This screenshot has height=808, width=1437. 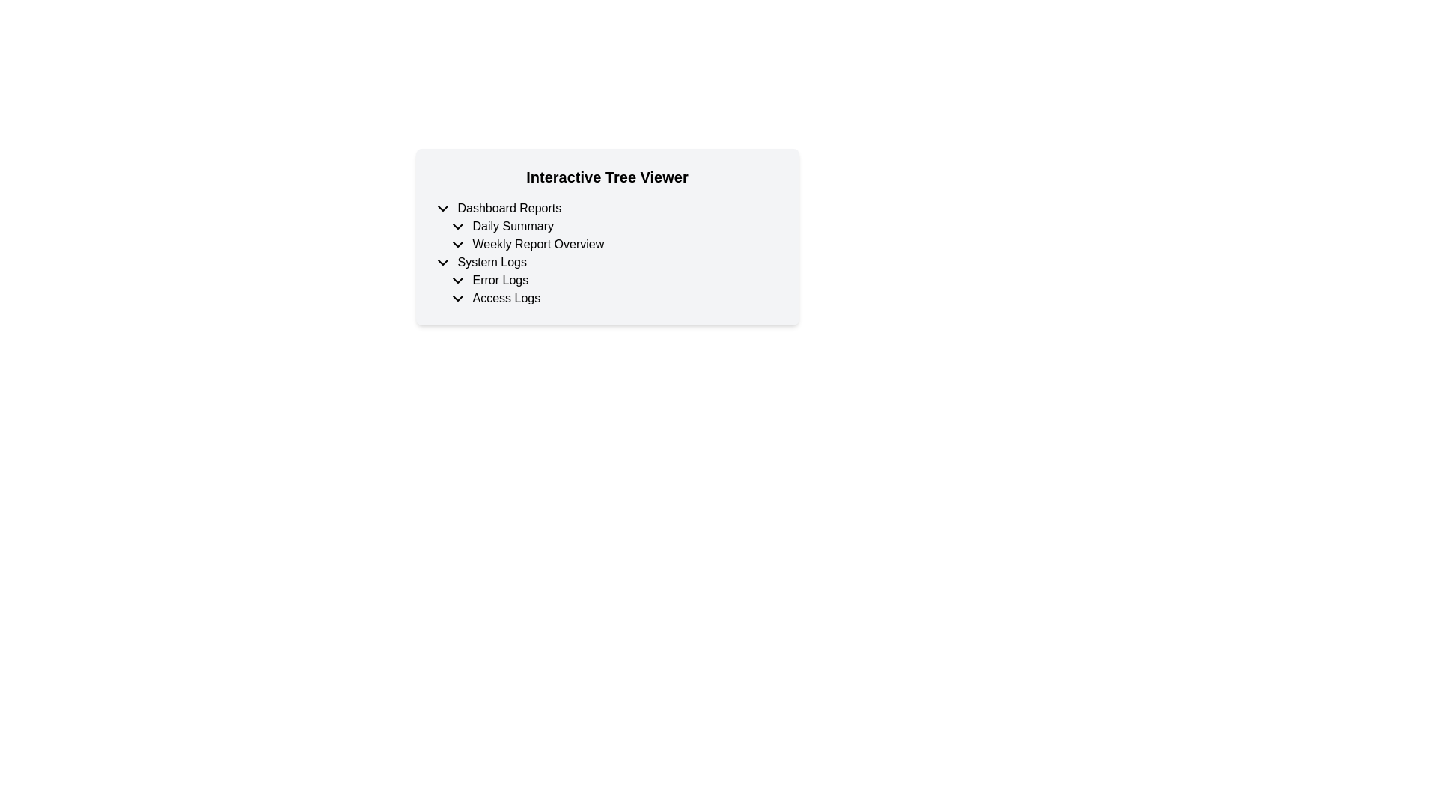 What do you see at coordinates (607, 227) in the screenshot?
I see `the second item in the expandable tree under 'Dashboard Reports'` at bounding box center [607, 227].